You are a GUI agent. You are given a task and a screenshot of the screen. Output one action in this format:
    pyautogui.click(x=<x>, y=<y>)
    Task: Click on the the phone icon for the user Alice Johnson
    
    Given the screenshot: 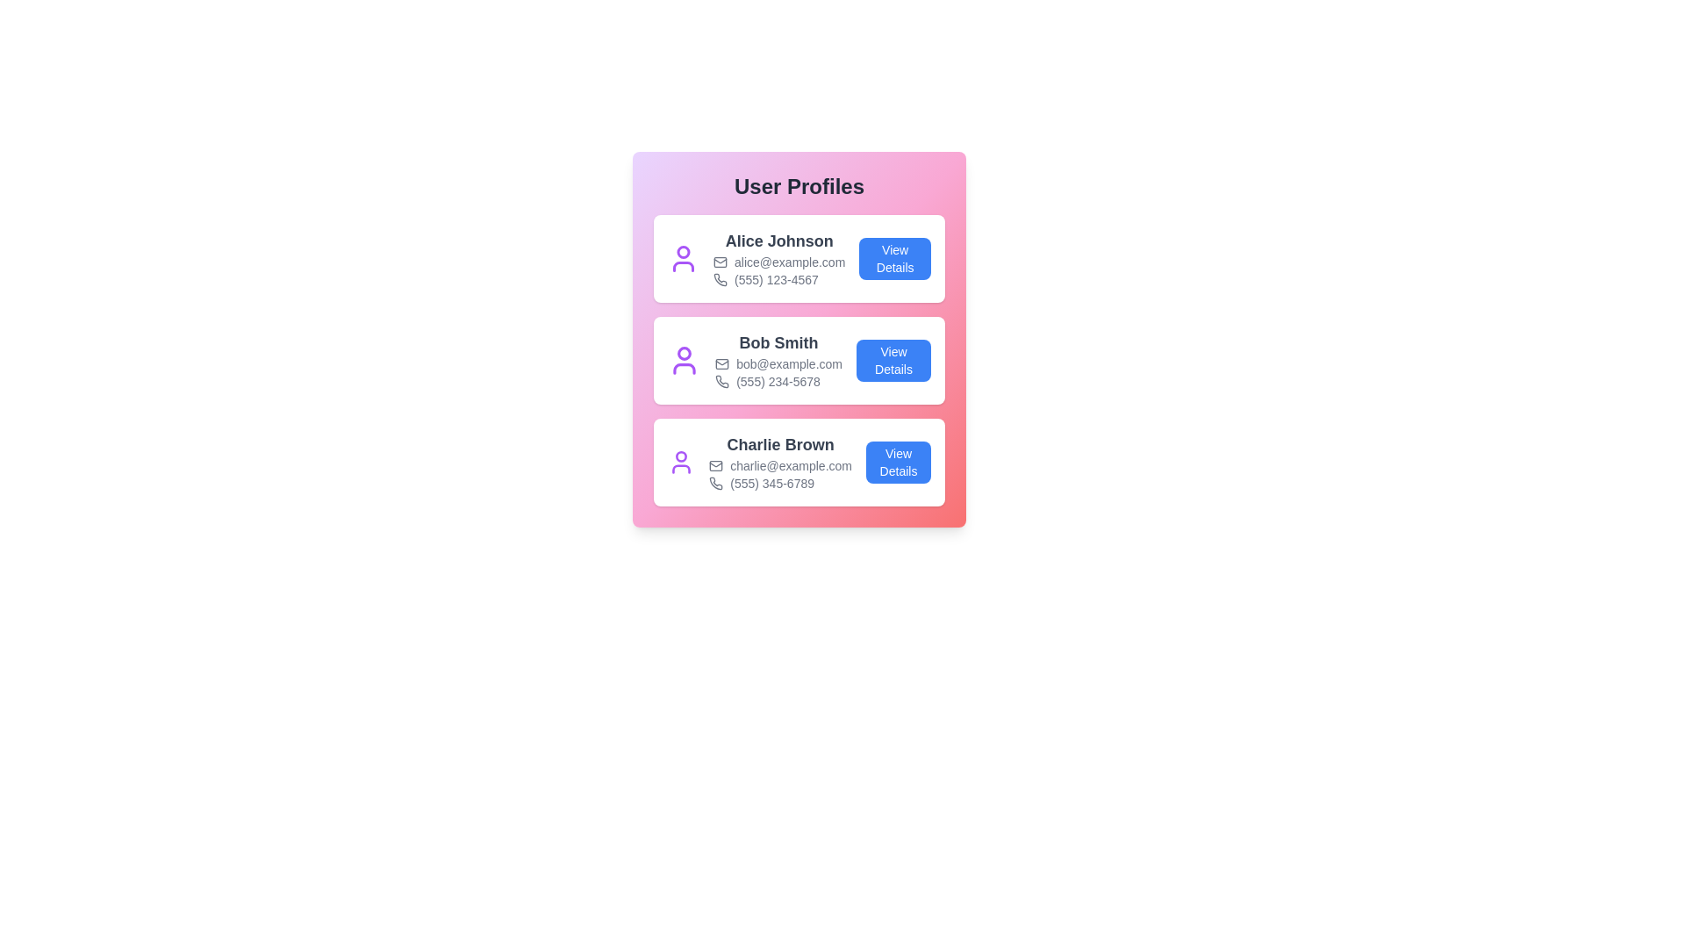 What is the action you would take?
    pyautogui.click(x=720, y=279)
    